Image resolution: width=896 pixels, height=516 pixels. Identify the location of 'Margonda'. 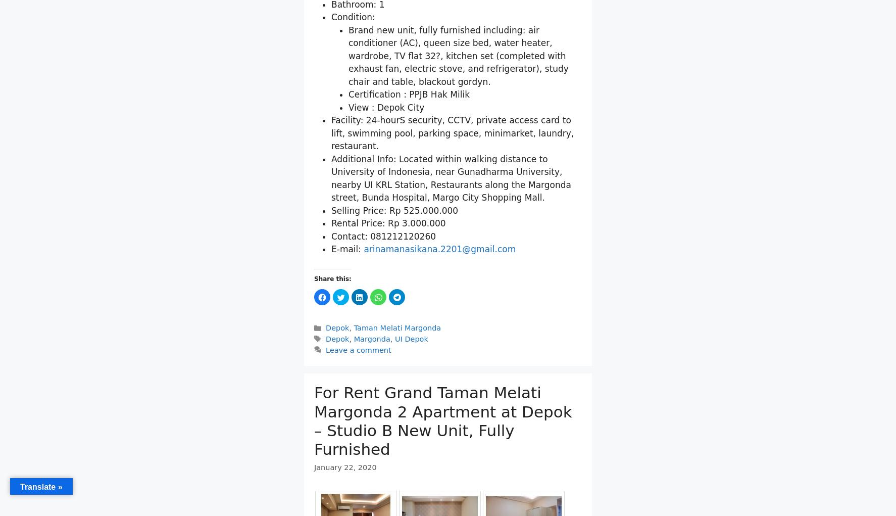
(371, 339).